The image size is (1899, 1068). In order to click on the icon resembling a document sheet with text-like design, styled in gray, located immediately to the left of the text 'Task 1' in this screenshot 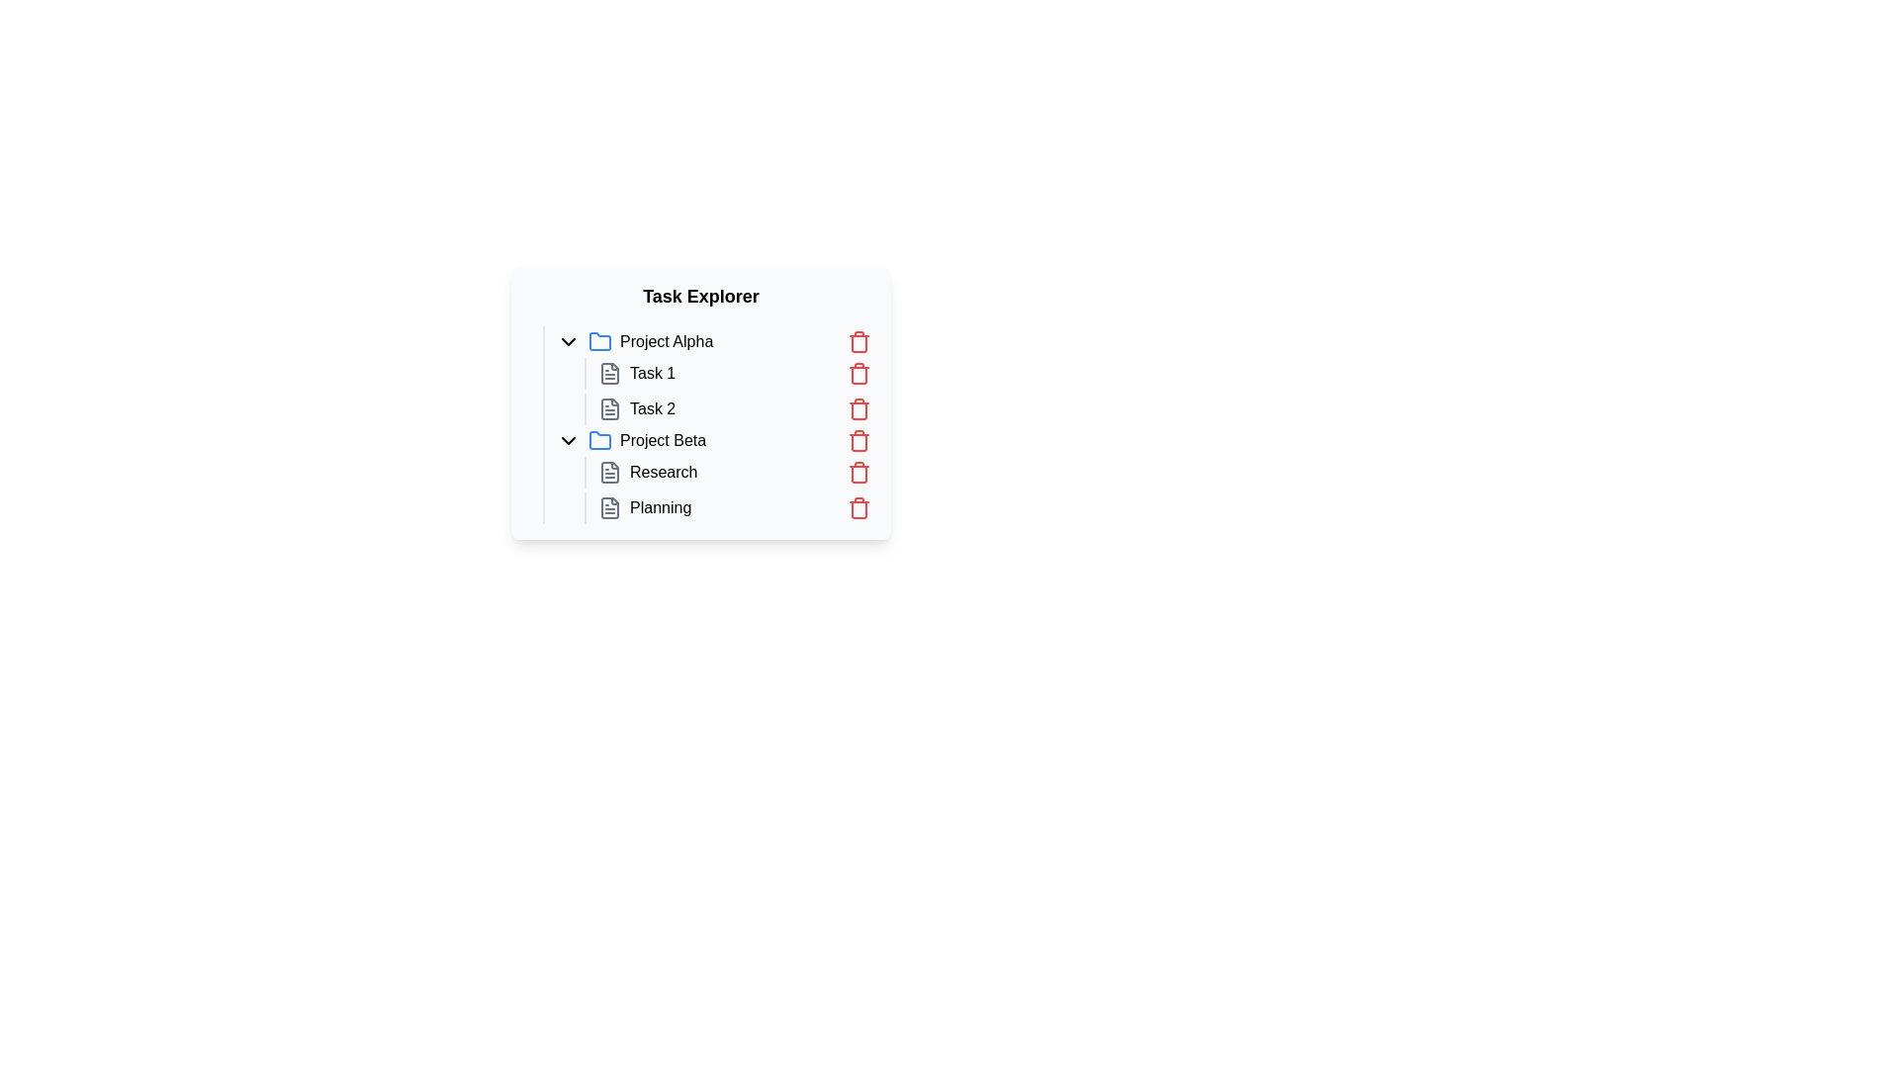, I will do `click(609, 374)`.